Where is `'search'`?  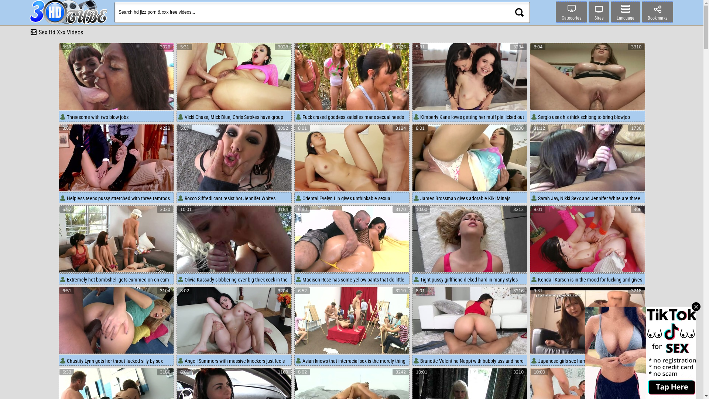 'search' is located at coordinates (519, 12).